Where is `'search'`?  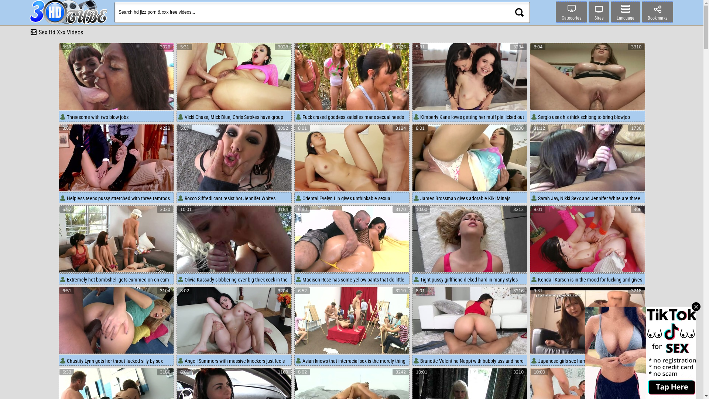 'search' is located at coordinates (519, 12).